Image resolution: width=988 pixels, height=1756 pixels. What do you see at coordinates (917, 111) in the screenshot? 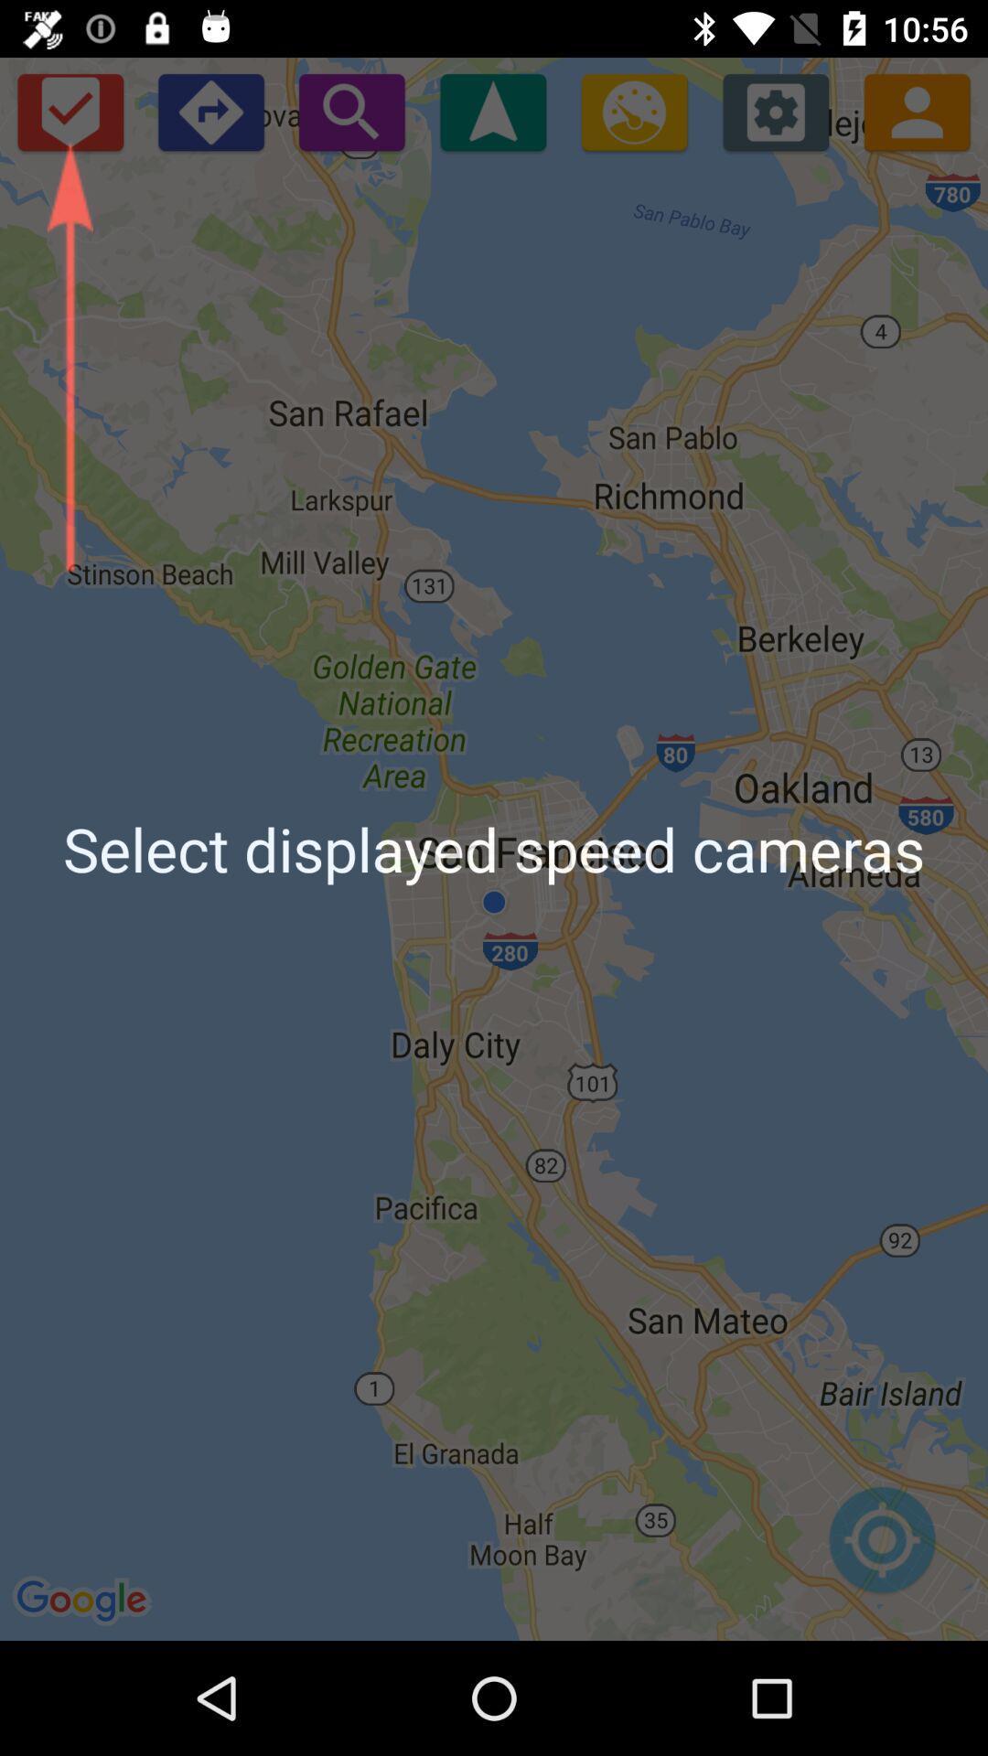
I see `friends` at bounding box center [917, 111].